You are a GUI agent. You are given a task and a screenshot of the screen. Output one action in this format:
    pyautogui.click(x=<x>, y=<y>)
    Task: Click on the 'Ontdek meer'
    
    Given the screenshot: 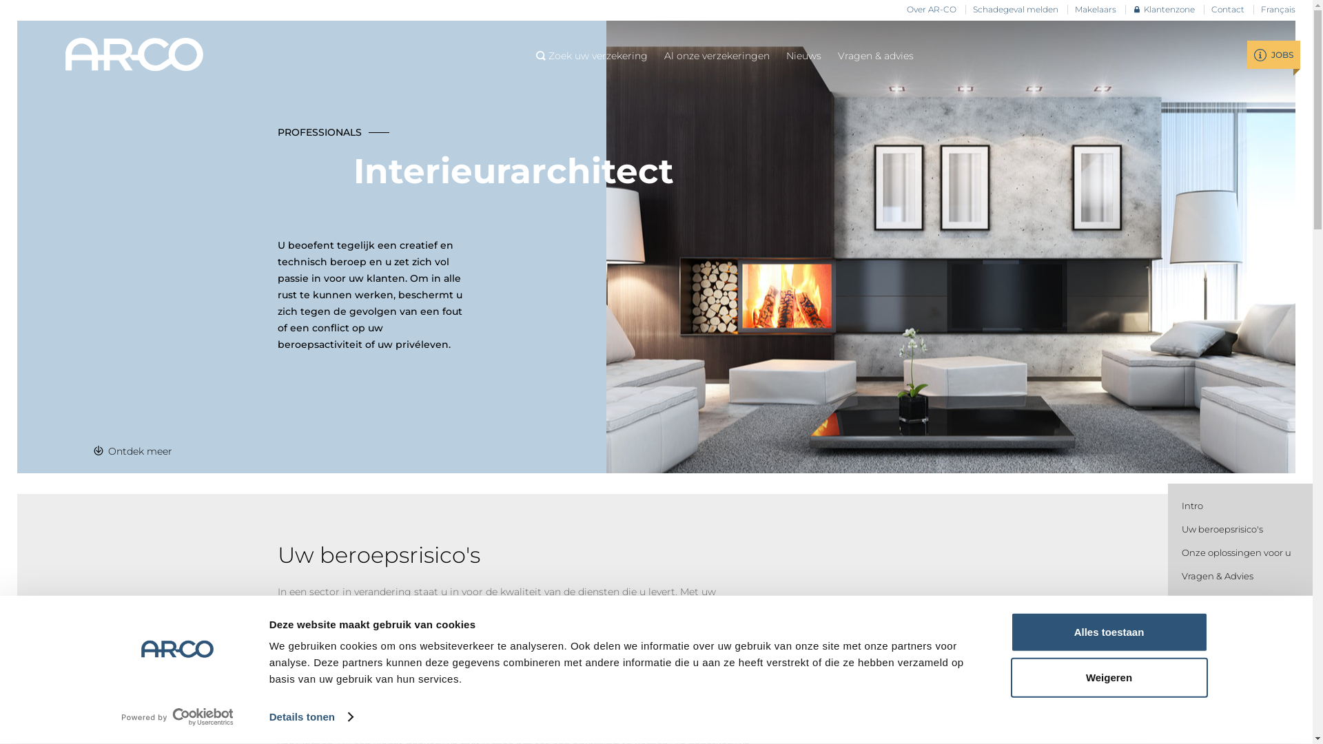 What is the action you would take?
    pyautogui.click(x=132, y=451)
    